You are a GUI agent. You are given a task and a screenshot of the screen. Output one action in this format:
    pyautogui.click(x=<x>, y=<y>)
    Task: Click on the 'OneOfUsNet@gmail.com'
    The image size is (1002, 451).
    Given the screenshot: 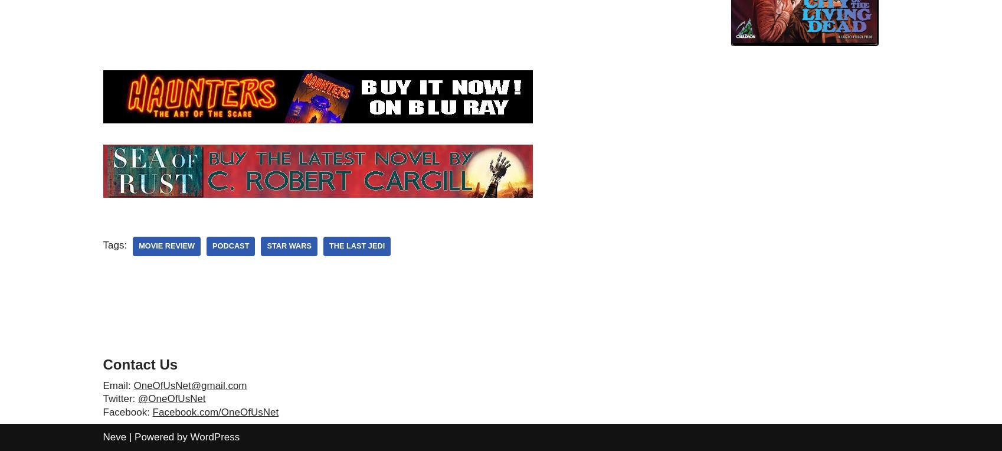 What is the action you would take?
    pyautogui.click(x=133, y=385)
    